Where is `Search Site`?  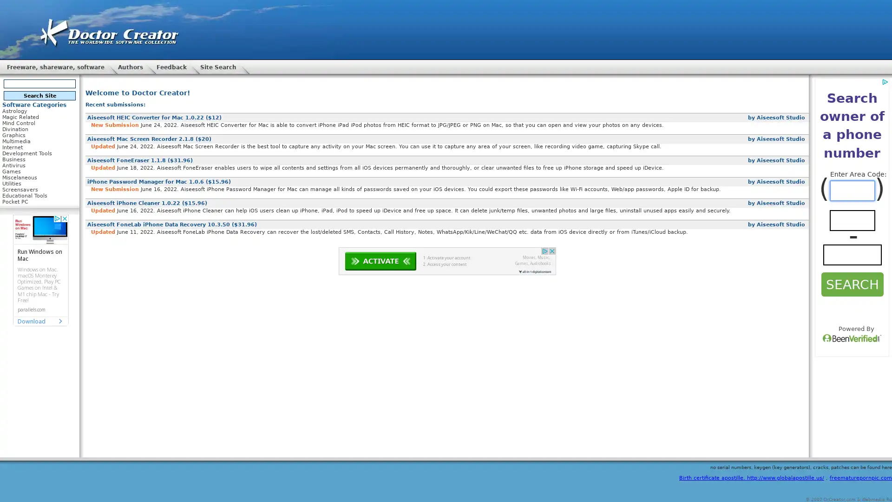
Search Site is located at coordinates (39, 95).